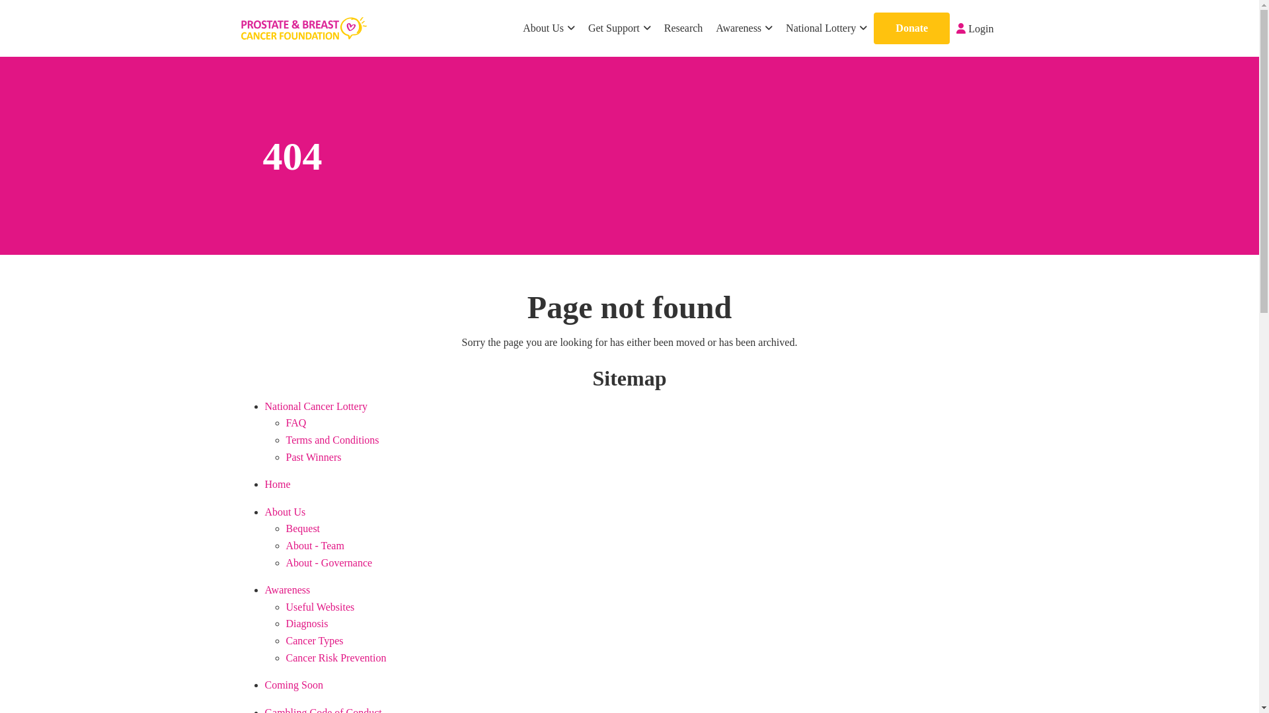 Image resolution: width=1269 pixels, height=713 pixels. What do you see at coordinates (293, 684) in the screenshot?
I see `'Coming Soon'` at bounding box center [293, 684].